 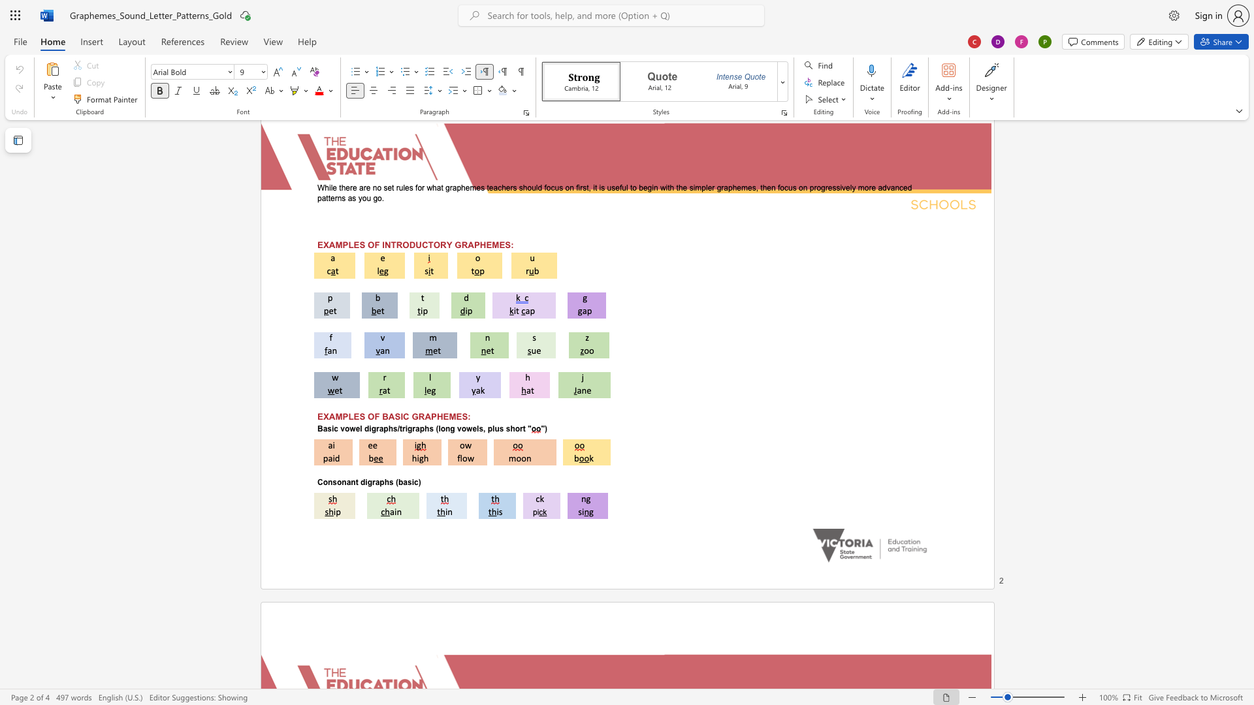 What do you see at coordinates (400, 482) in the screenshot?
I see `the 1th character "b" in the text` at bounding box center [400, 482].